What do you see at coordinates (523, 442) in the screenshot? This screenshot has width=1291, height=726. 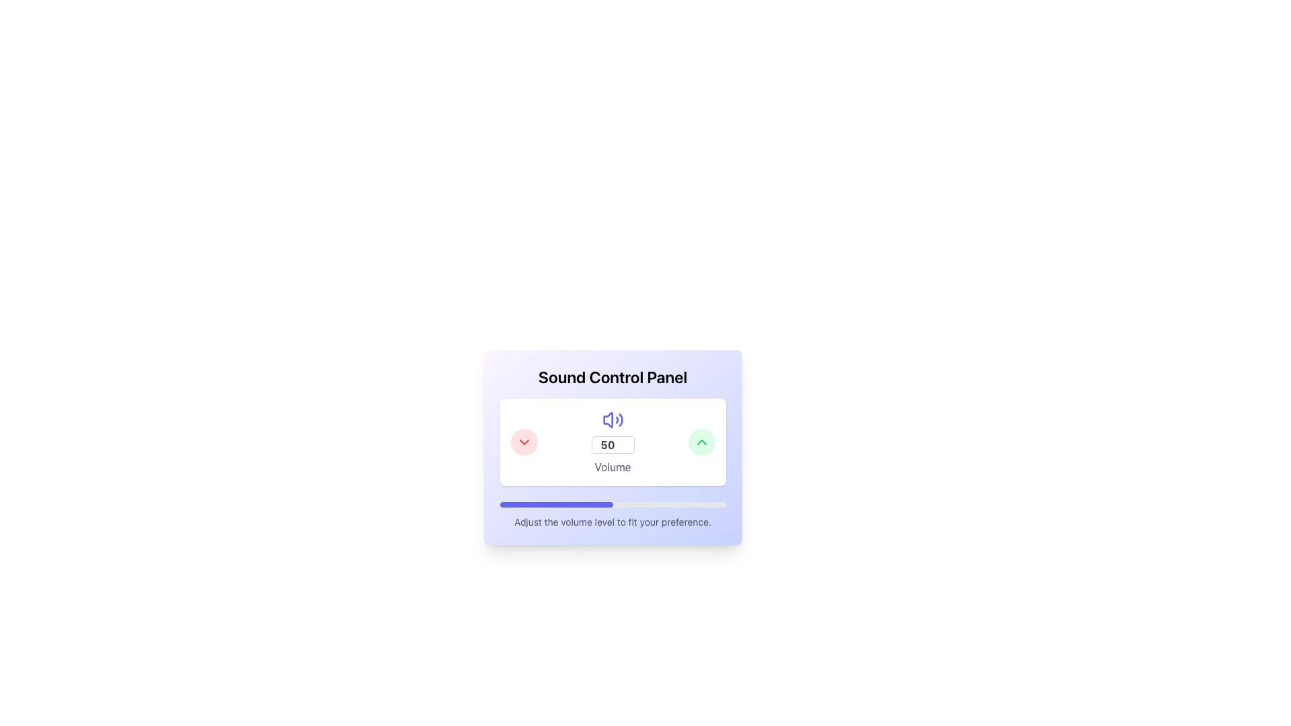 I see `the circular red button with a downward chevron icon located within the white 'Volume' panel` at bounding box center [523, 442].